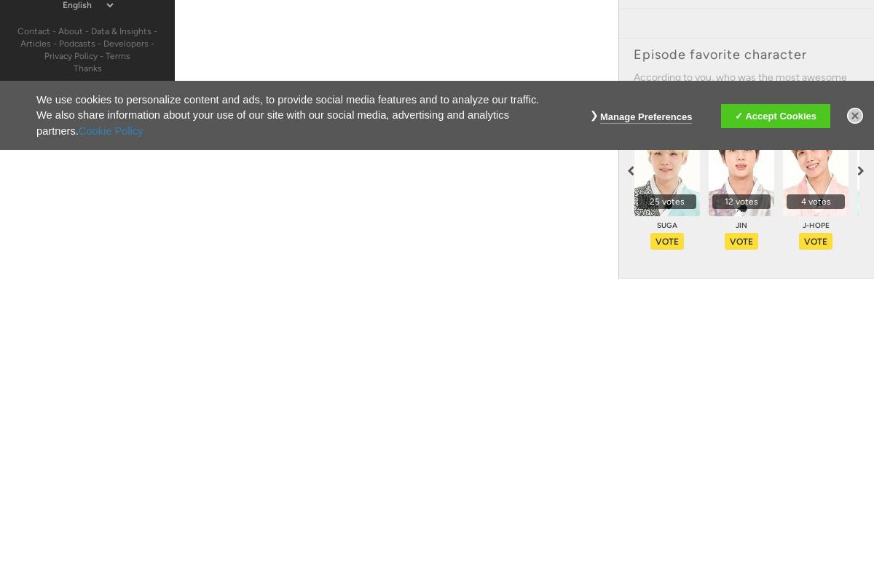 The image size is (874, 578). Describe the element at coordinates (736, 225) in the screenshot. I see `'Jin'` at that location.